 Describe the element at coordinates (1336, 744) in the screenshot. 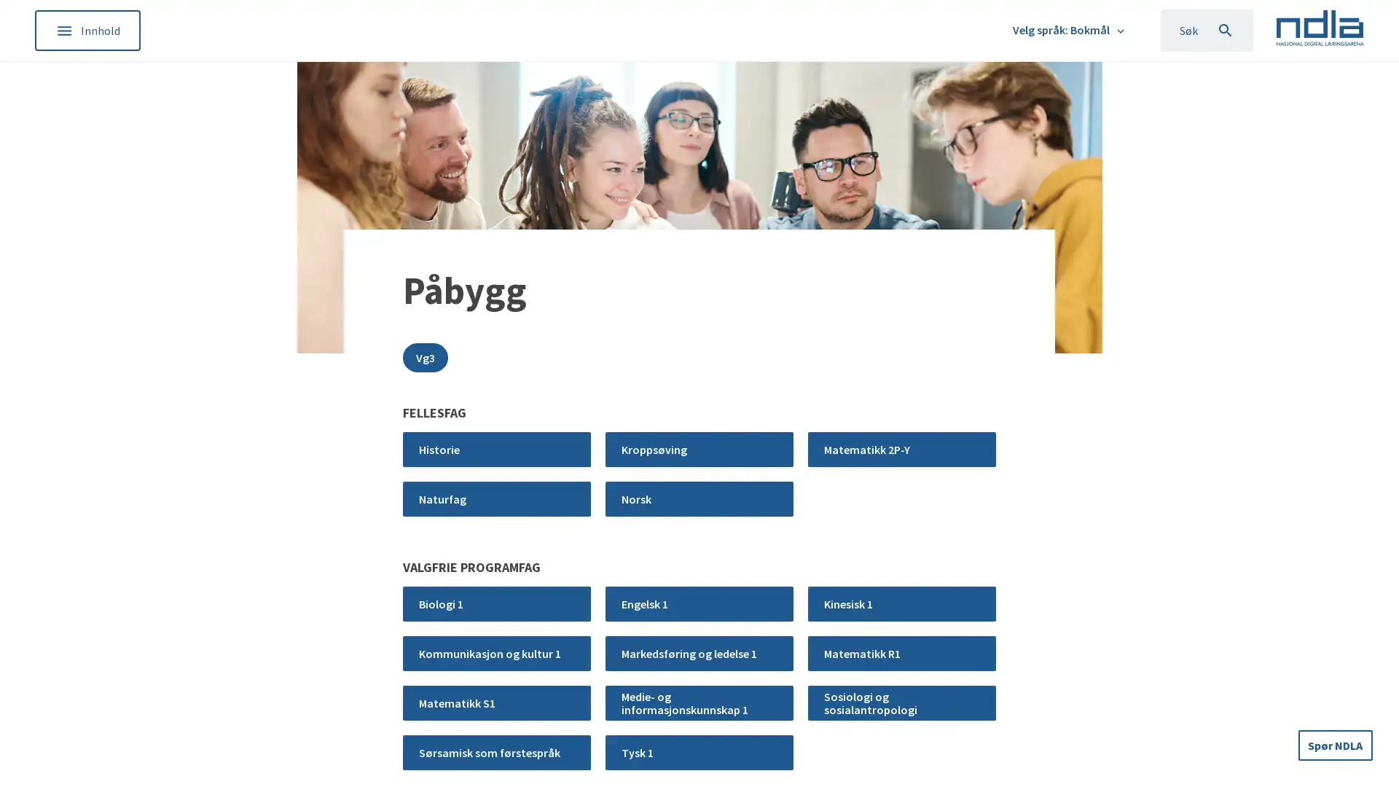

I see `Spr NDLA` at that location.